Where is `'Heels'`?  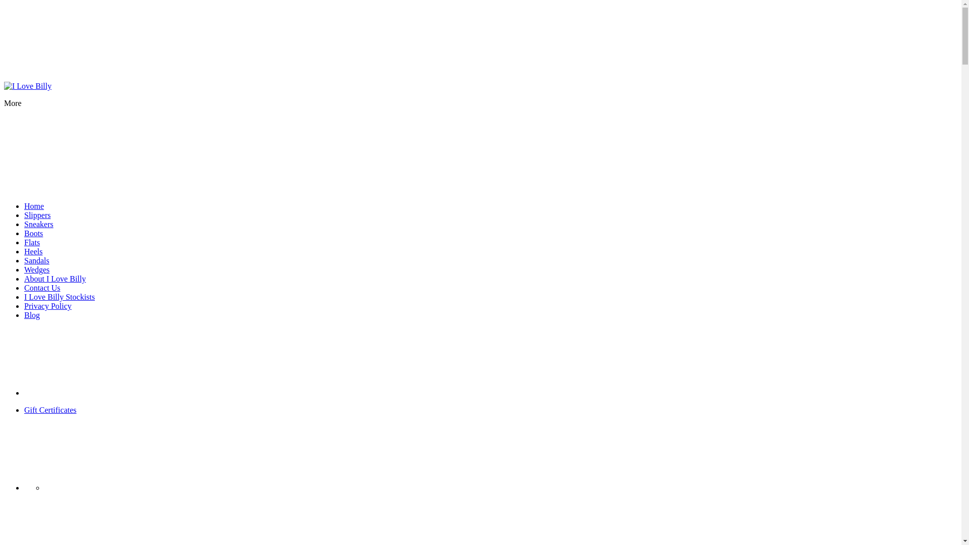 'Heels' is located at coordinates (33, 251).